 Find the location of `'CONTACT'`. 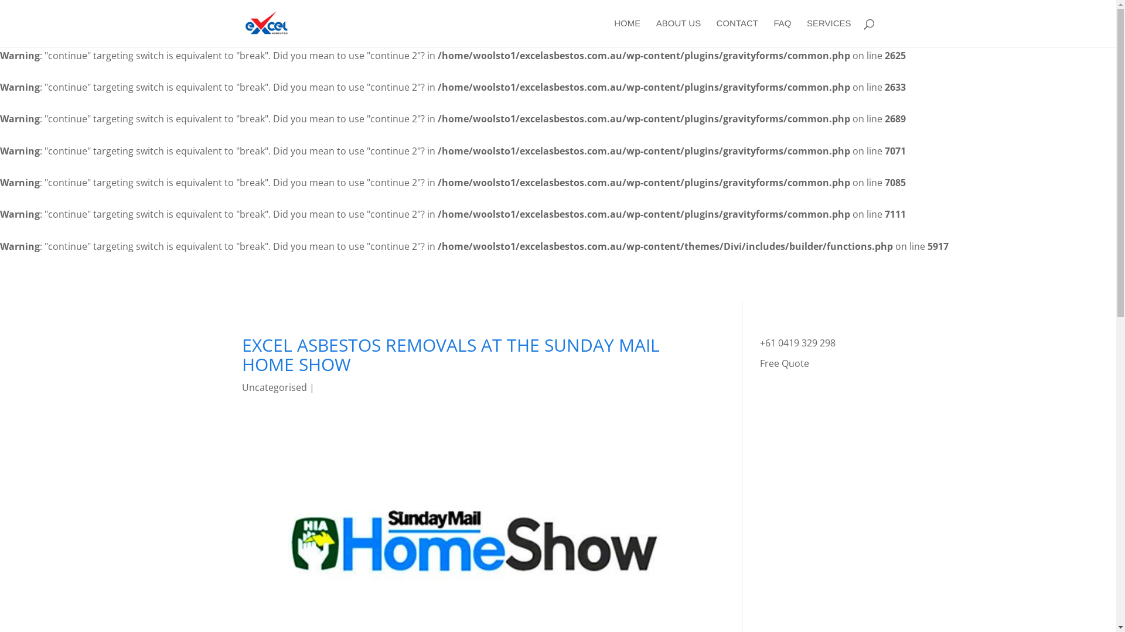

'CONTACT' is located at coordinates (737, 32).